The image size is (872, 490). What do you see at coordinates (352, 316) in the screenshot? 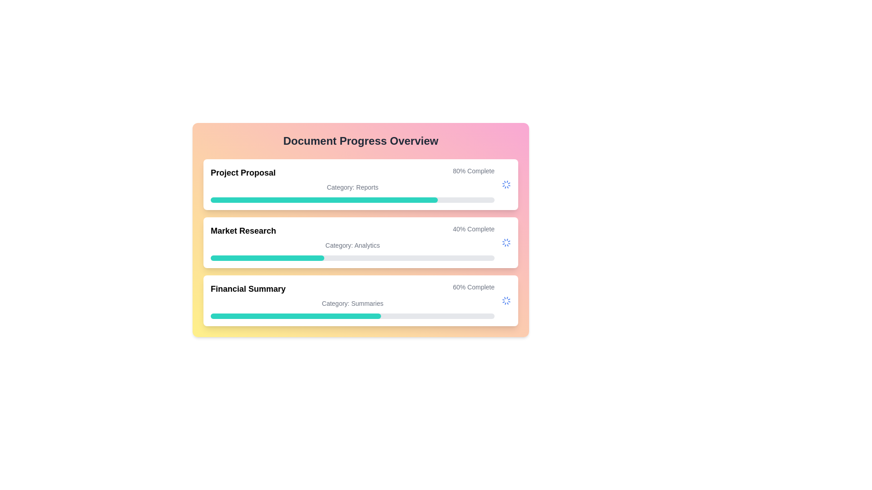
I see `the progress bar indicating 60% completion for the 'Financial Summary' task, located at the bottom of the 'Financial Summary' card` at bounding box center [352, 316].